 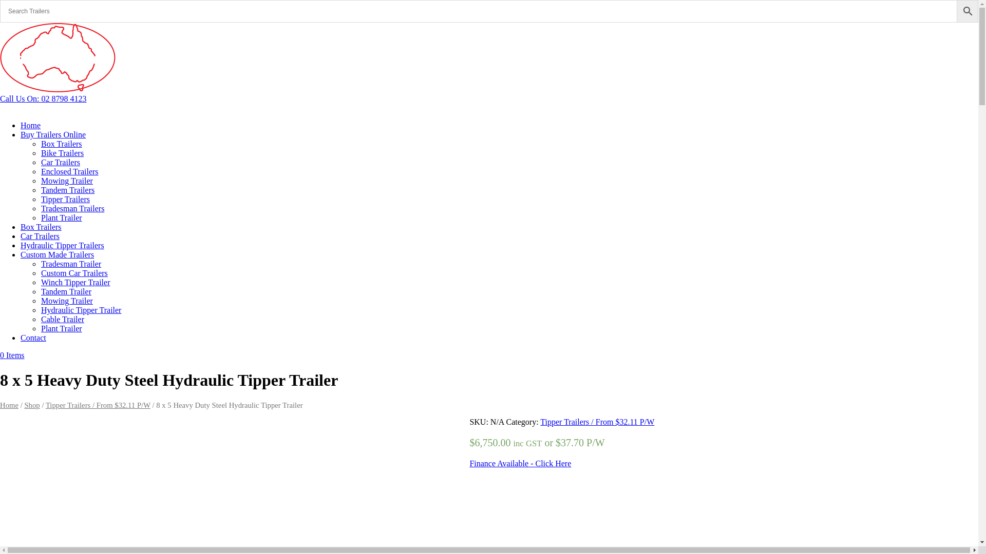 What do you see at coordinates (0, 405) in the screenshot?
I see `'Home'` at bounding box center [0, 405].